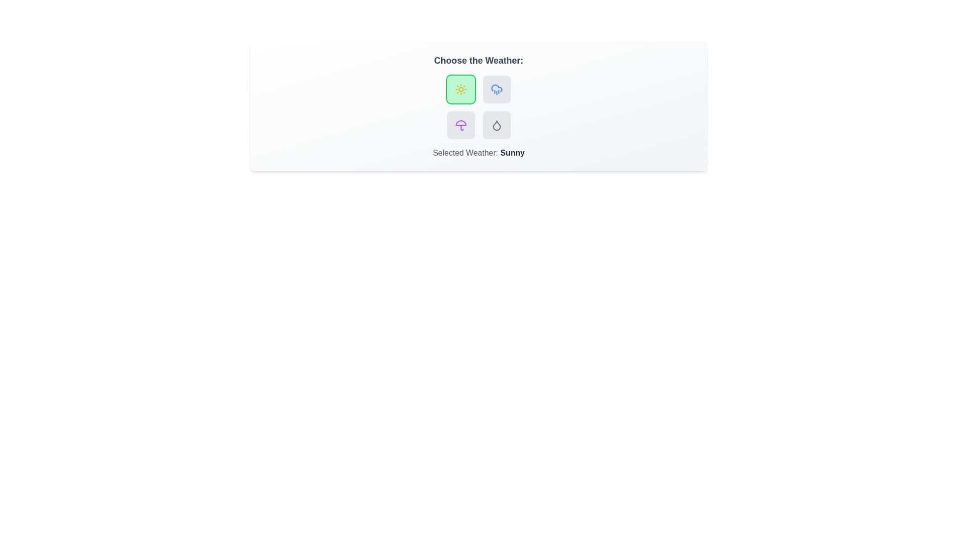 The width and height of the screenshot is (955, 537). What do you see at coordinates (460, 124) in the screenshot?
I see `the weather button corresponding to Stormy` at bounding box center [460, 124].